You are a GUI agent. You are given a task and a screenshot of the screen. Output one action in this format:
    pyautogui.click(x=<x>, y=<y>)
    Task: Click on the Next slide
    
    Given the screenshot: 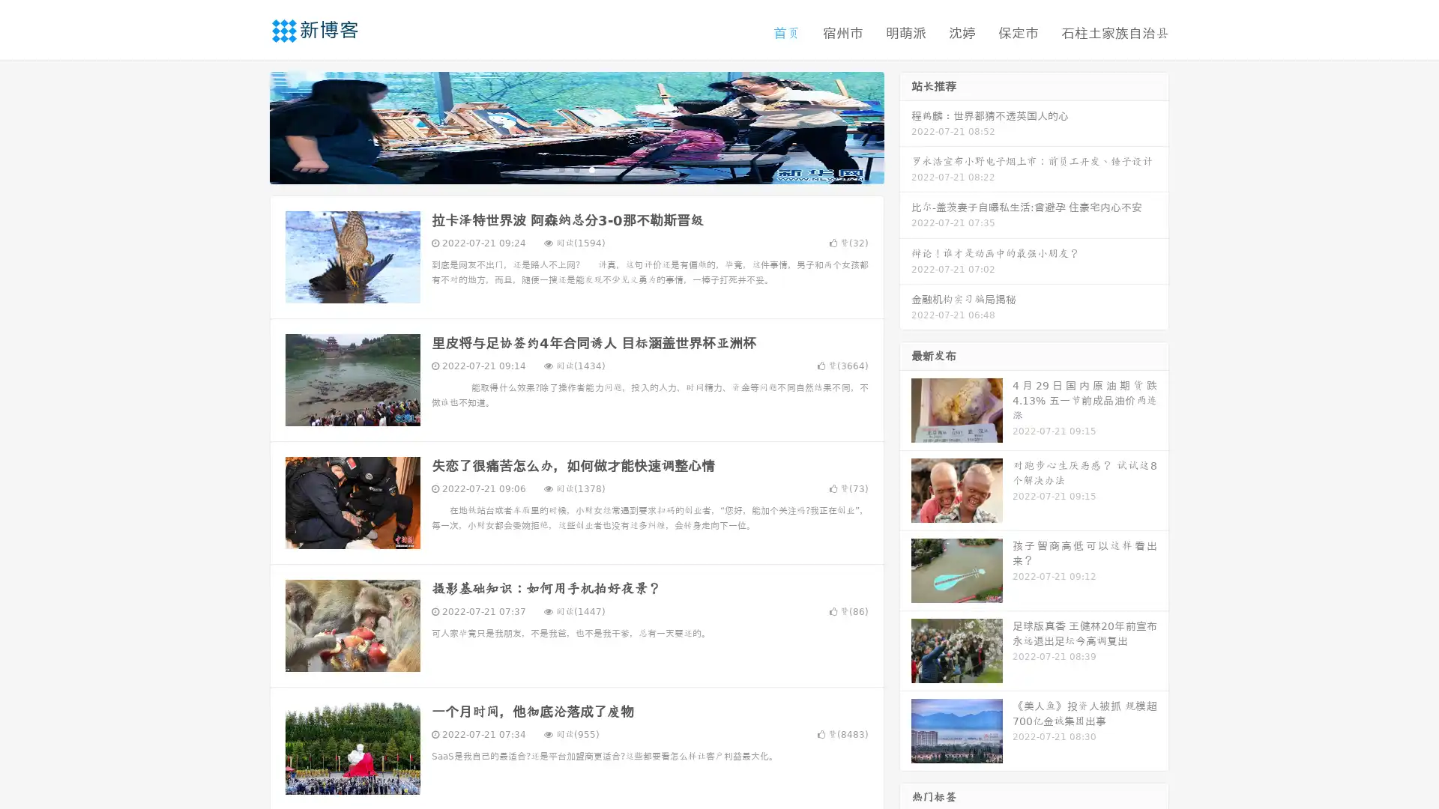 What is the action you would take?
    pyautogui.click(x=905, y=126)
    